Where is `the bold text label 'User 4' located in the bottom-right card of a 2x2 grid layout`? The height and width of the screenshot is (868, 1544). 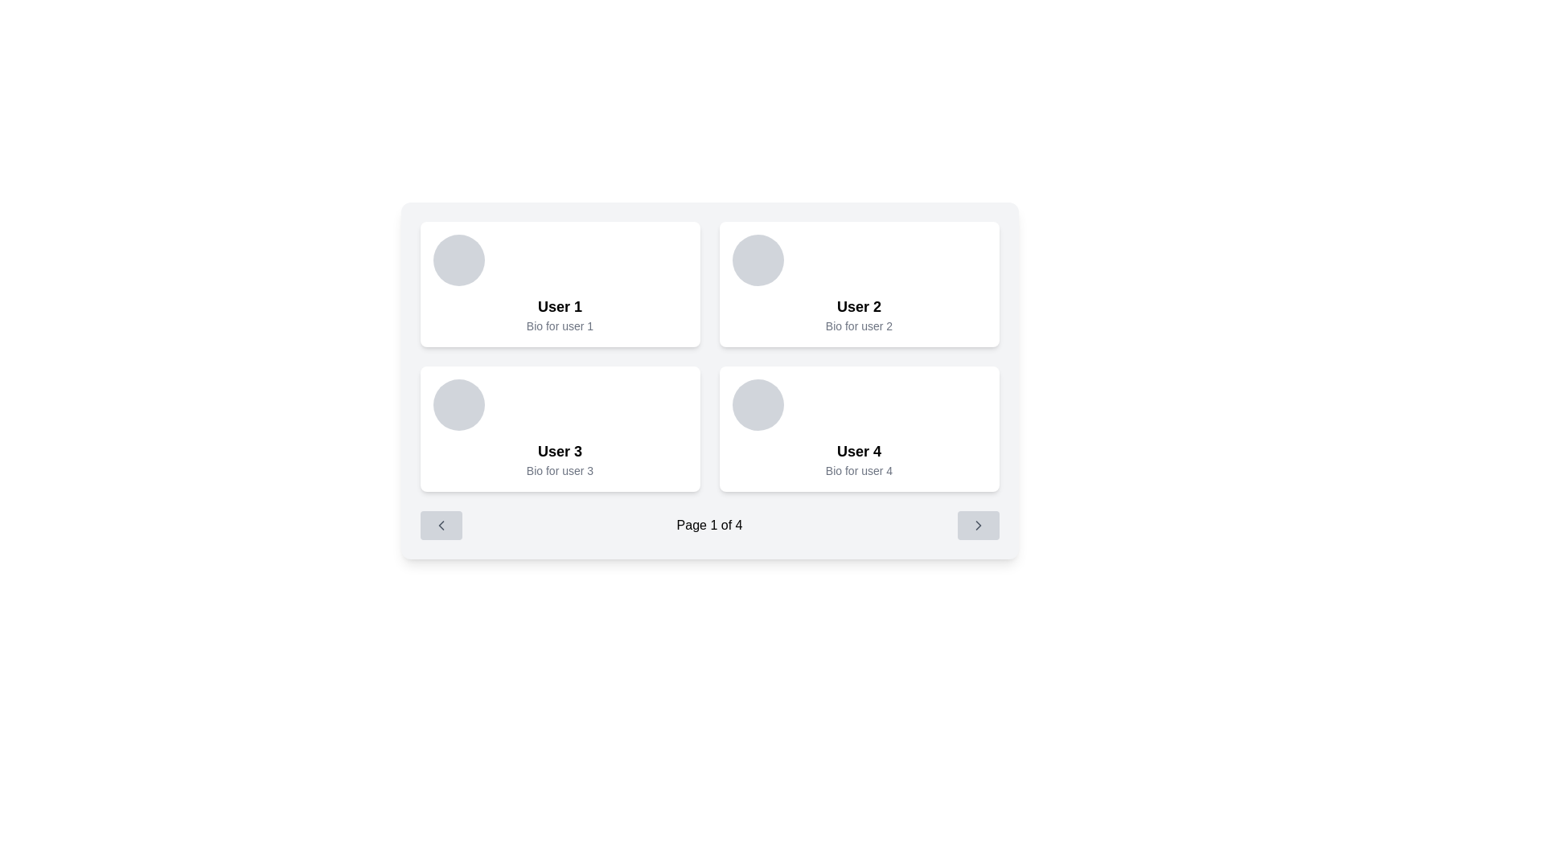
the bold text label 'User 4' located in the bottom-right card of a 2x2 grid layout is located at coordinates (858, 452).